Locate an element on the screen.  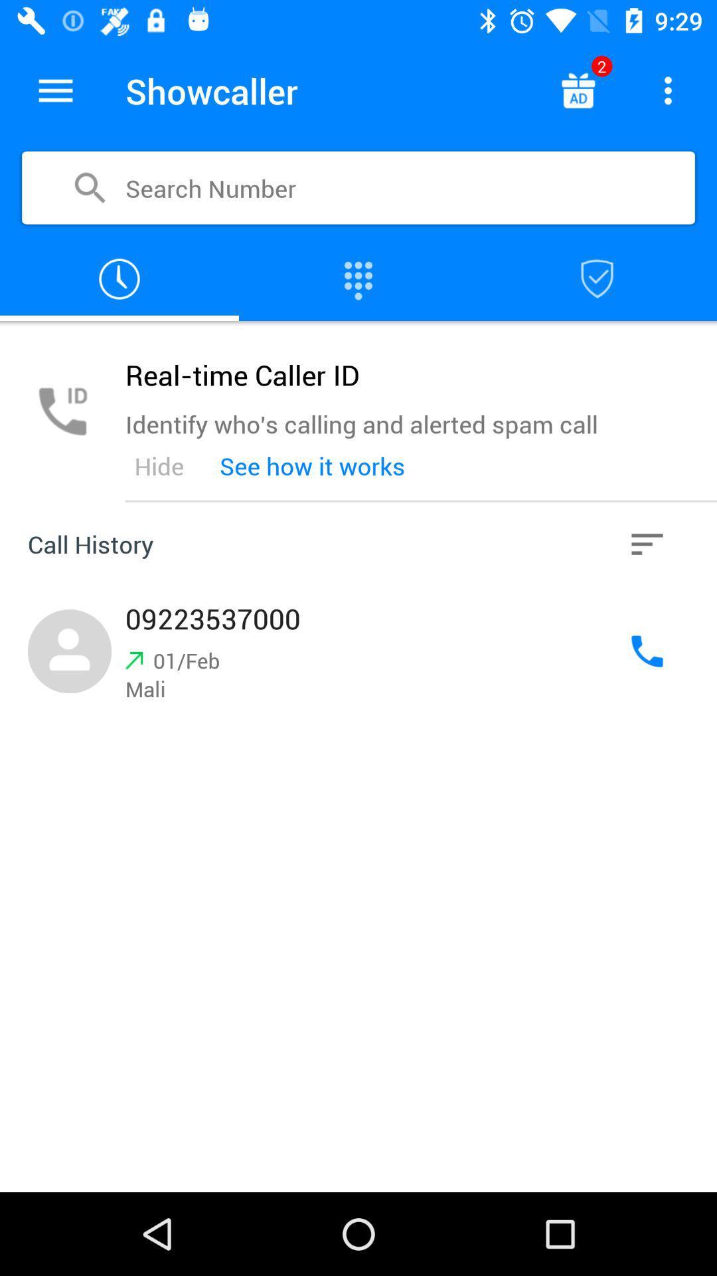
switch autoplay option is located at coordinates (577, 90).